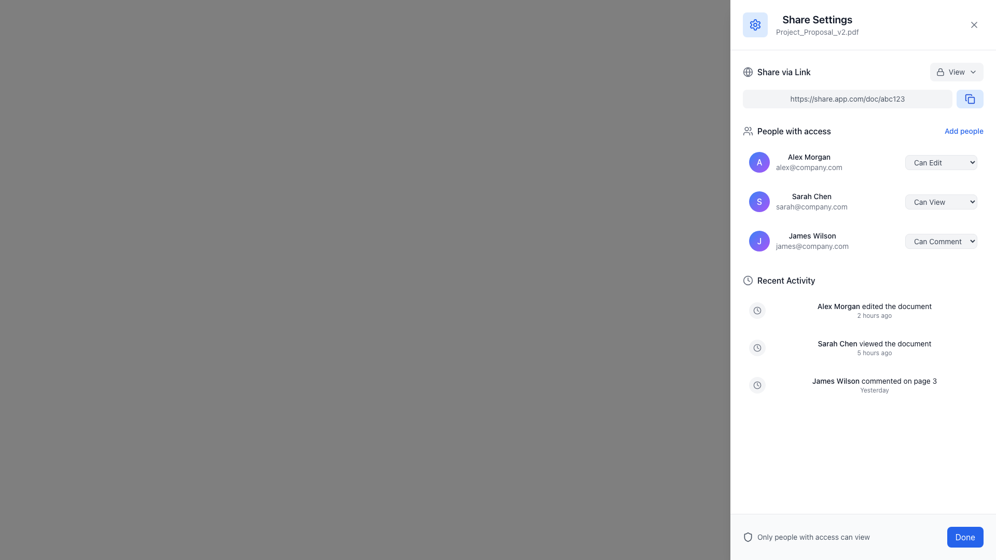 The image size is (996, 560). What do you see at coordinates (784, 71) in the screenshot?
I see `the 'Share via Link' text label, which is styled in medium-weight font and dark gray color, located to the right of a globe icon` at bounding box center [784, 71].